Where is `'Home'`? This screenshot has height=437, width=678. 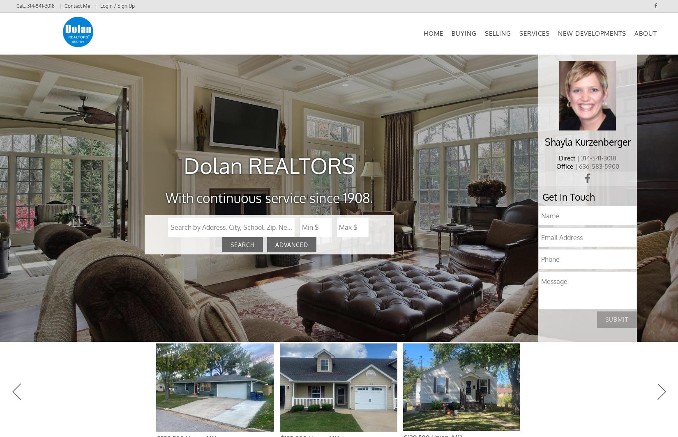 'Home' is located at coordinates (434, 38).